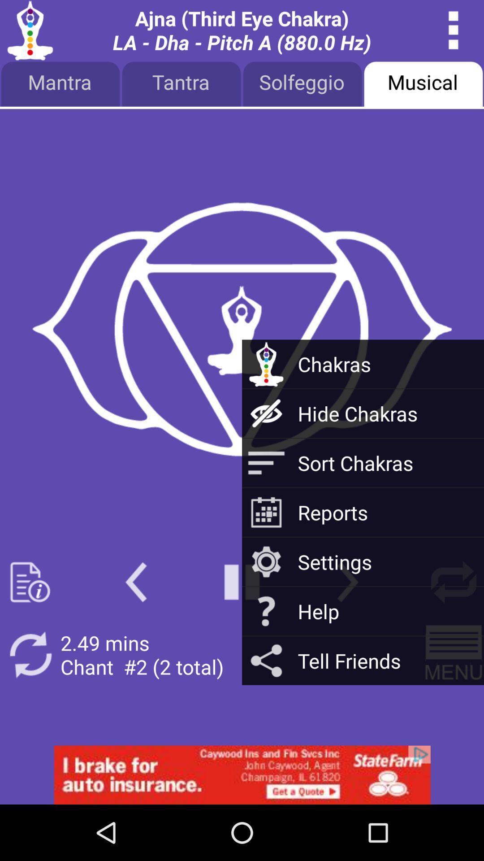  Describe the element at coordinates (30, 582) in the screenshot. I see `menu page` at that location.